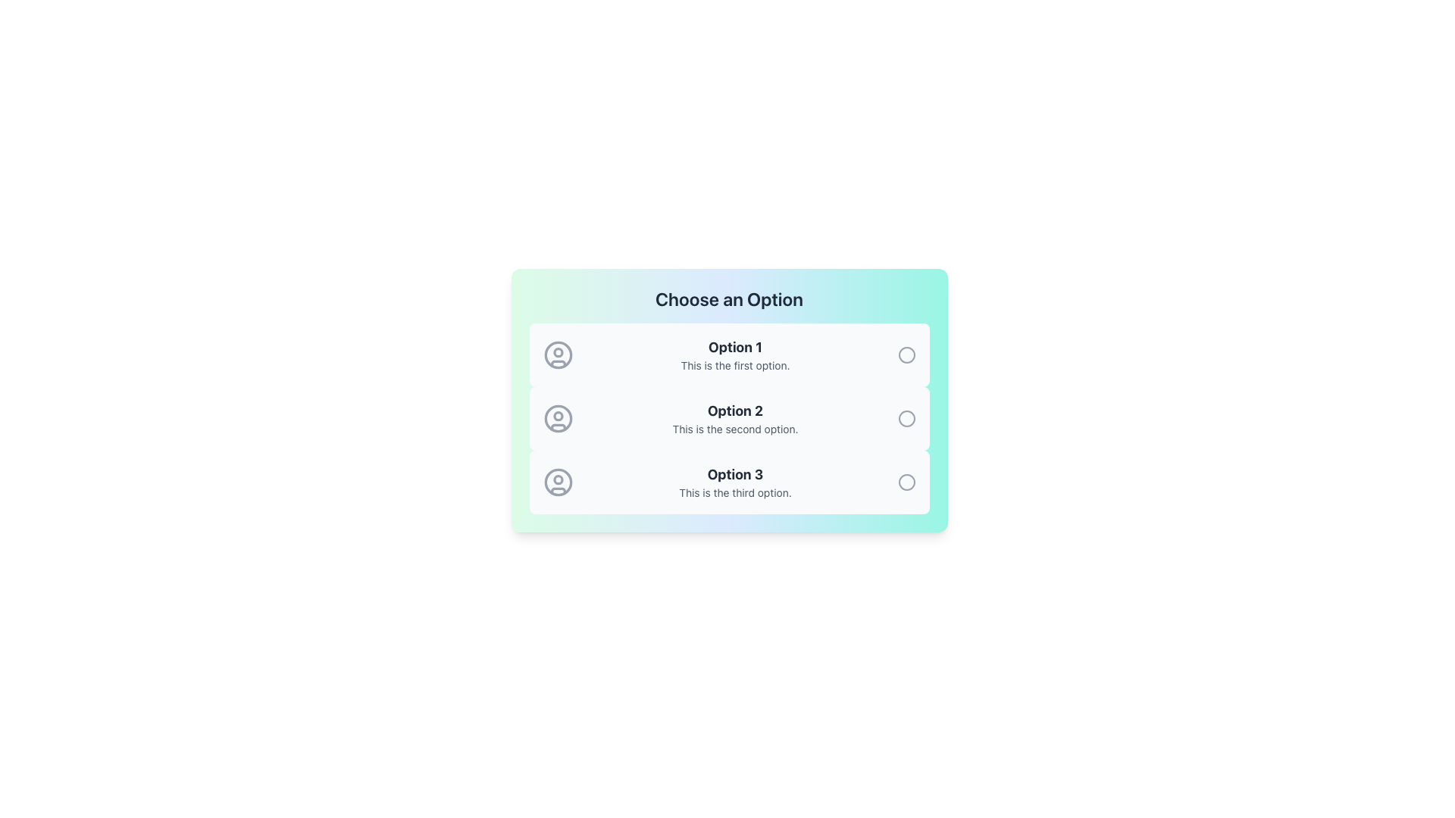  What do you see at coordinates (735, 482) in the screenshot?
I see `text displayed in the third option of the selectable option card, located at the bottom section of the vertically-stacked list` at bounding box center [735, 482].